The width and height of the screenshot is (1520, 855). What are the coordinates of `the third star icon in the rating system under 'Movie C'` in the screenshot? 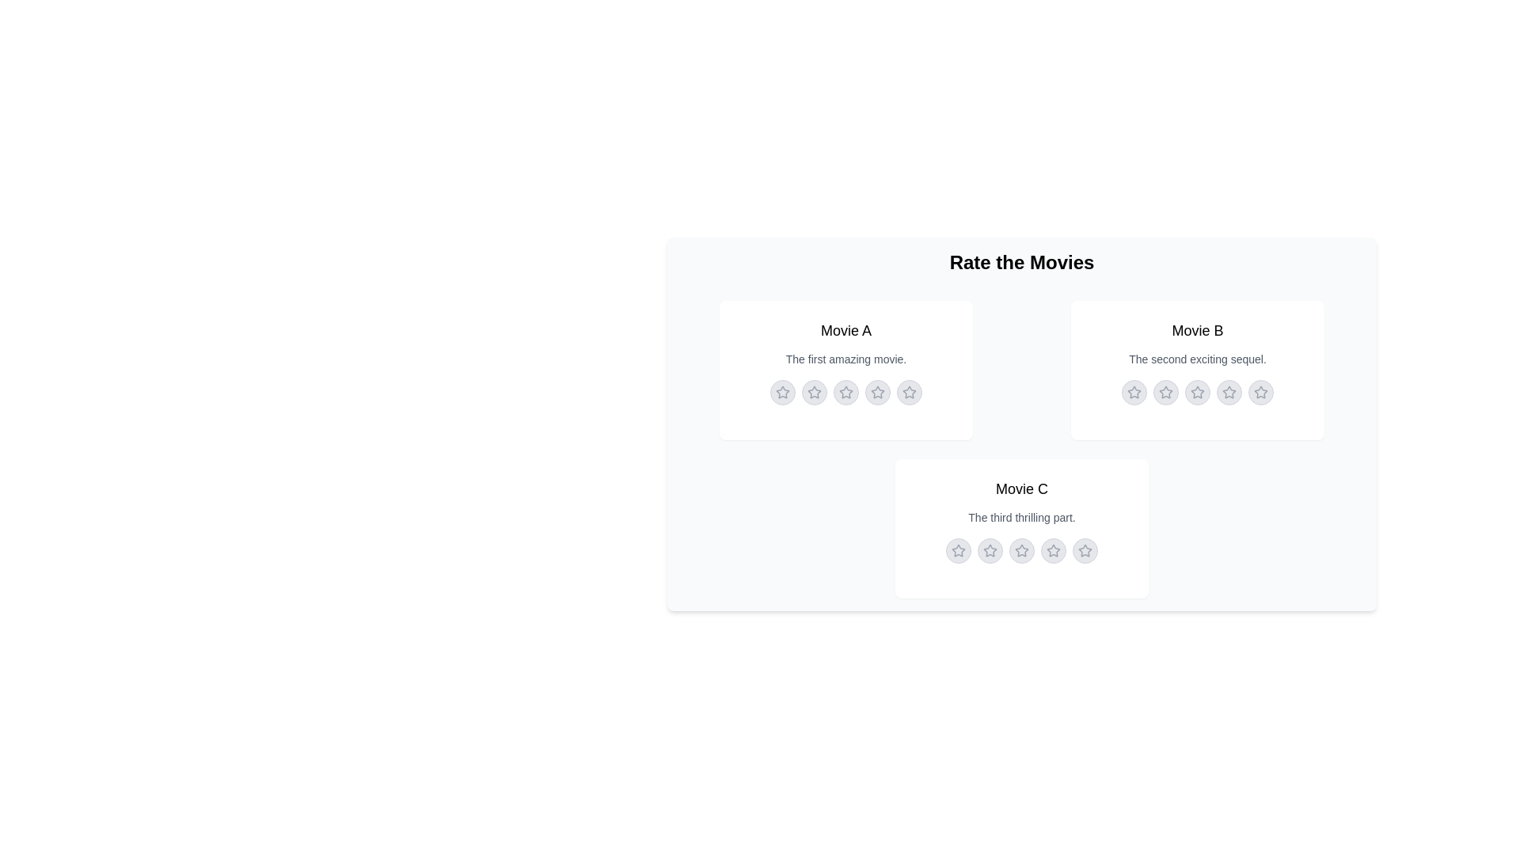 It's located at (1022, 549).